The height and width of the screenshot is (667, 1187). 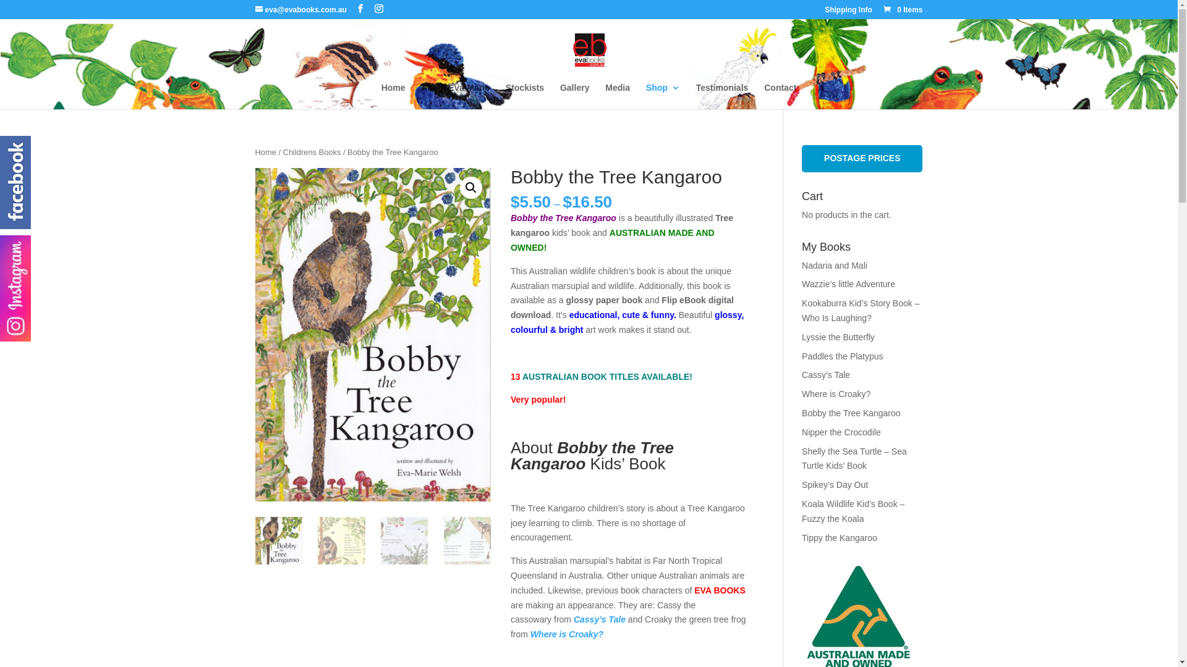 I want to click on 'Shop', so click(x=662, y=95).